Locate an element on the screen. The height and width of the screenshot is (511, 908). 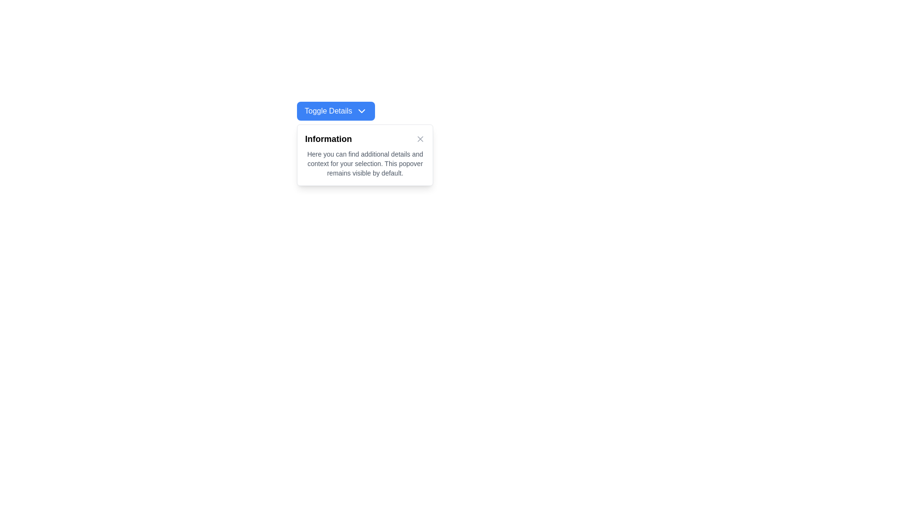
the block of gray text that contains the sentence 'Here you can find additional details and context for your selection. This popover remains visible by default.' located in the 'Information' panel is located at coordinates (365, 163).